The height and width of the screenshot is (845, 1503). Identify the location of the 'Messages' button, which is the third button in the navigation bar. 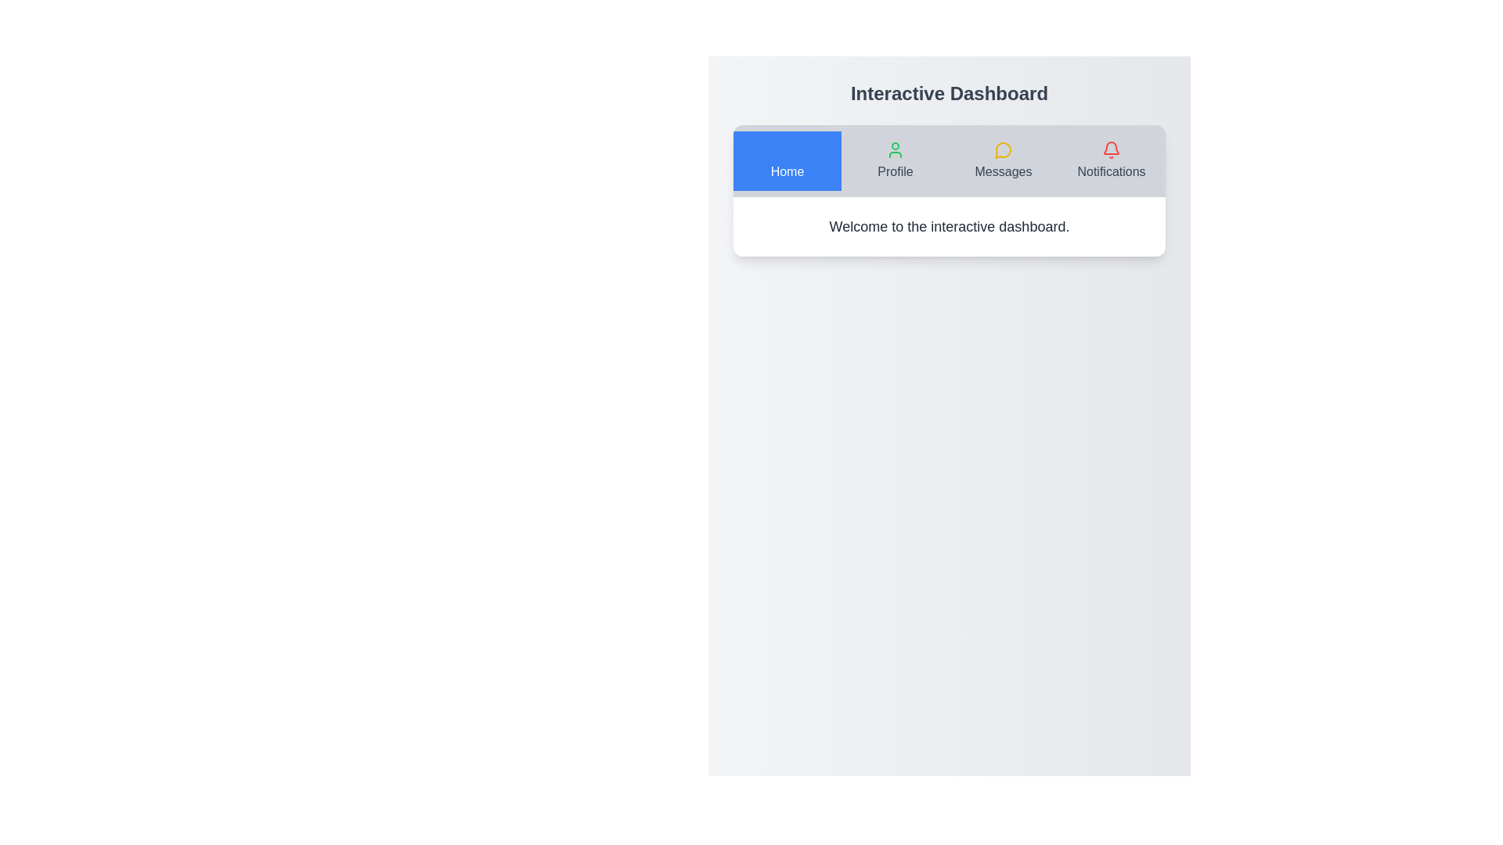
(1003, 160).